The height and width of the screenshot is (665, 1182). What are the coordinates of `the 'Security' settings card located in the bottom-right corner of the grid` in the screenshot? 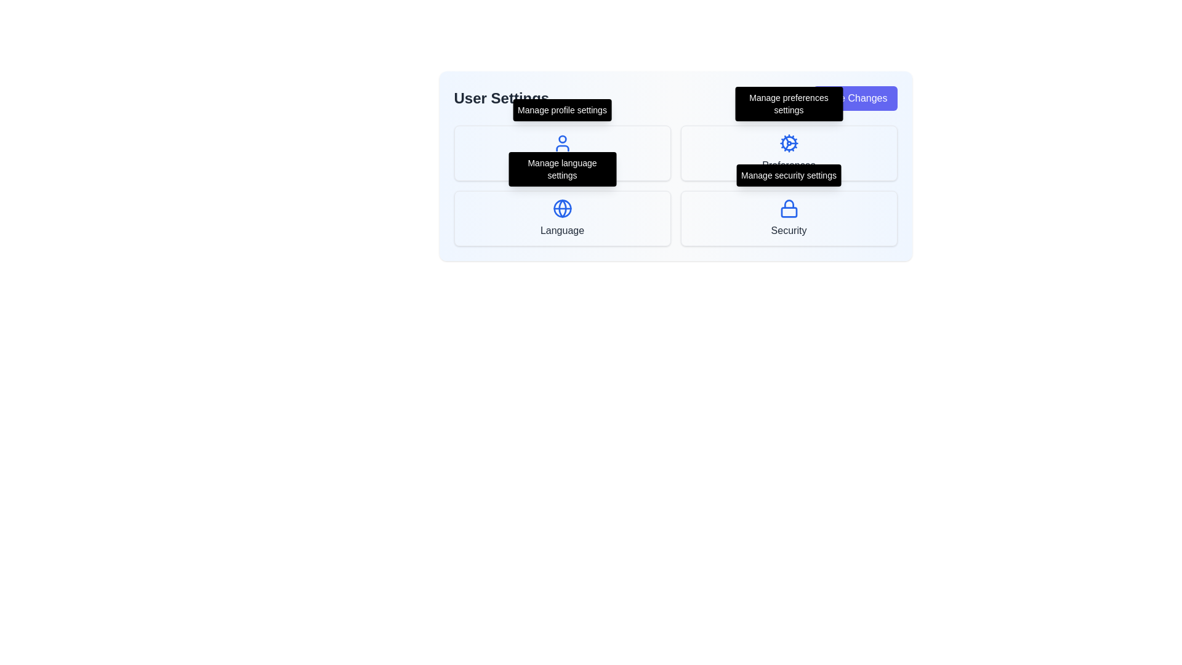 It's located at (789, 217).